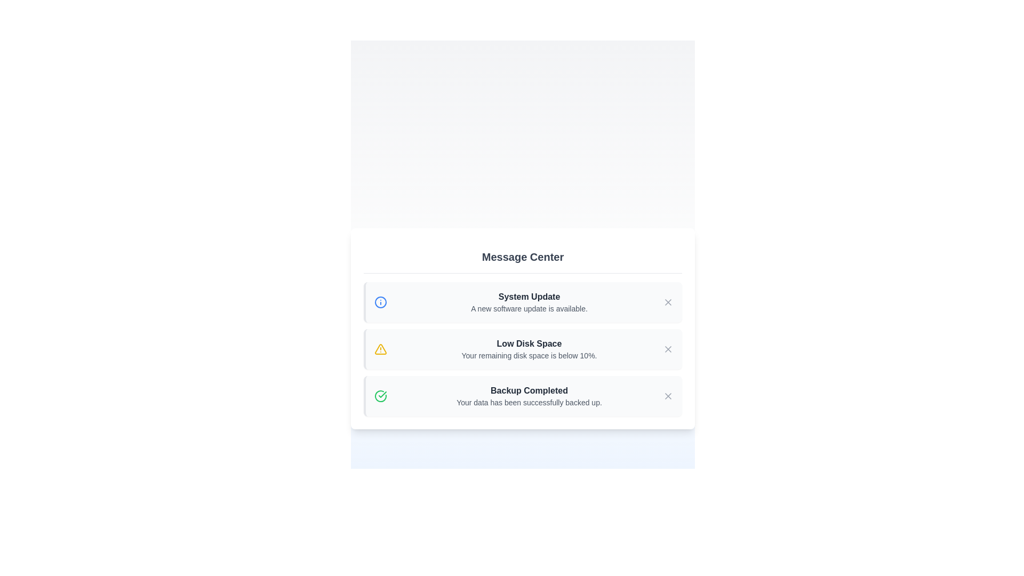 The height and width of the screenshot is (576, 1024). I want to click on the circular green check icon indicating a successful action, located to the left of the 'Backup Completed' notification in the 'Message Center' section, so click(381, 396).